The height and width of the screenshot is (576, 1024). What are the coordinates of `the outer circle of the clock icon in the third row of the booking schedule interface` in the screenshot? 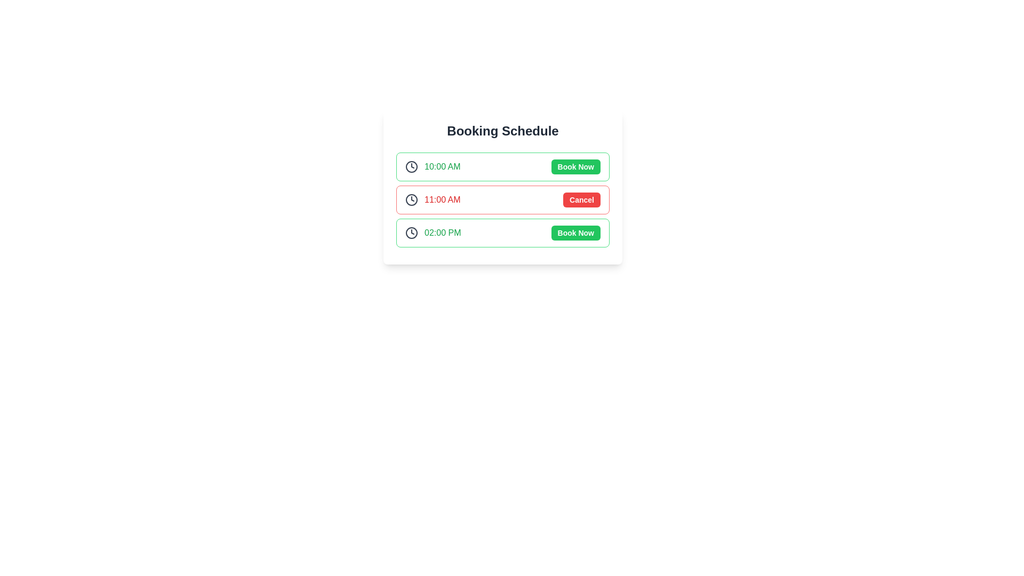 It's located at (411, 232).